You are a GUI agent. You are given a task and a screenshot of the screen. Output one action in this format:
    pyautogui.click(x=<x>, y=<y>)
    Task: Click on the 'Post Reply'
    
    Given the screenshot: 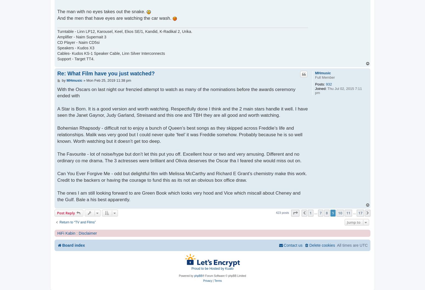 What is the action you would take?
    pyautogui.click(x=57, y=213)
    